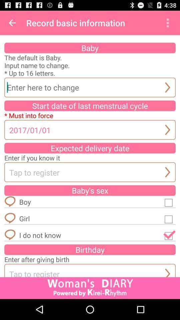  Describe the element at coordinates (169, 235) in the screenshot. I see `this button was select option` at that location.